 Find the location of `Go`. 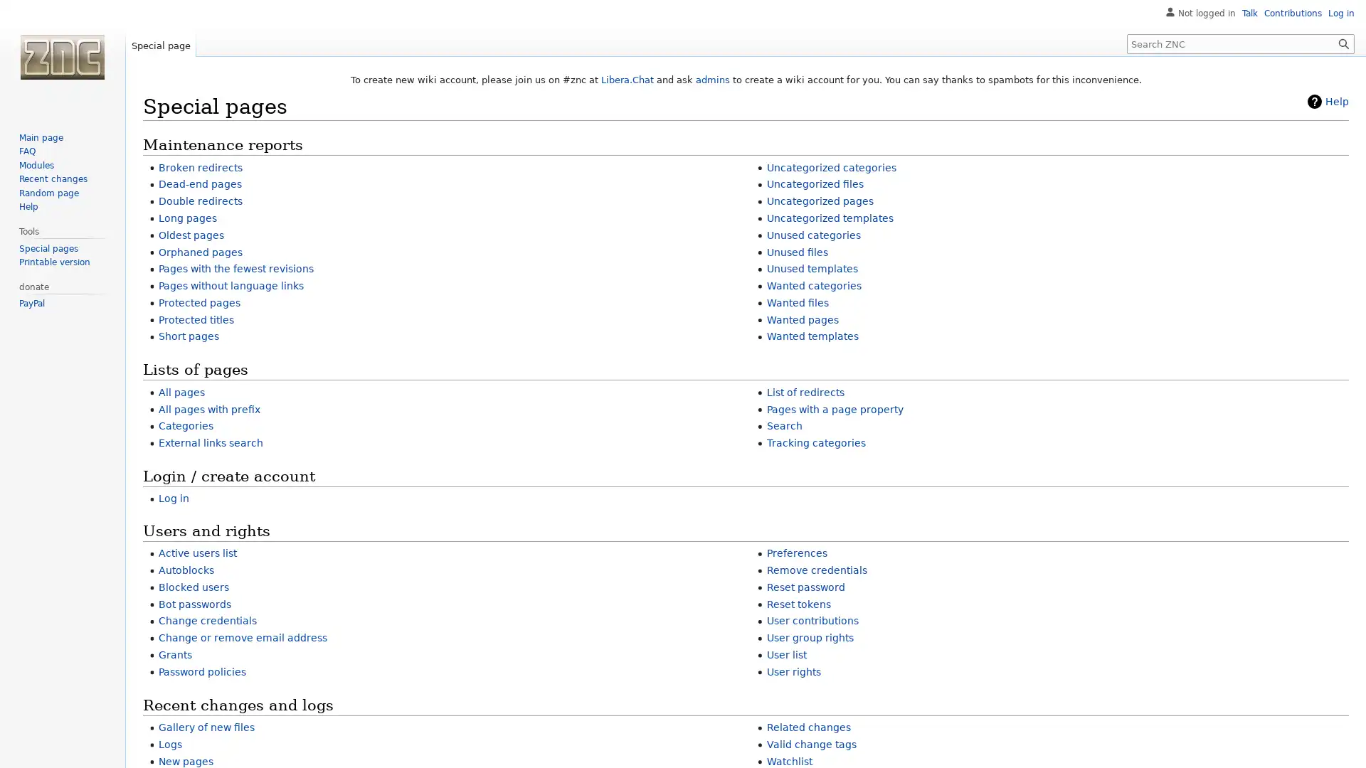

Go is located at coordinates (1343, 43).